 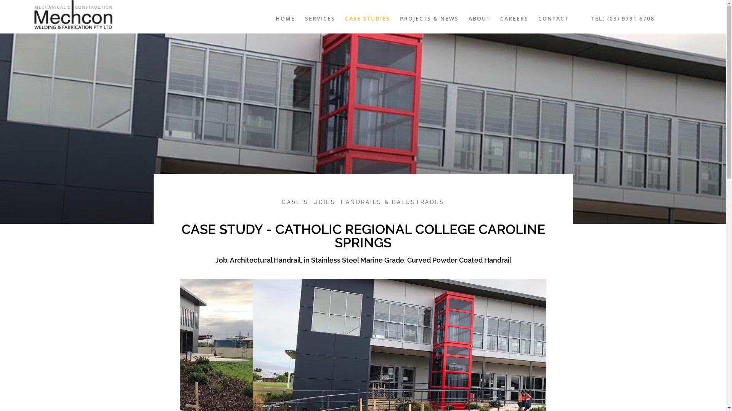 What do you see at coordinates (479, 18) in the screenshot?
I see `'ABOUT'` at bounding box center [479, 18].